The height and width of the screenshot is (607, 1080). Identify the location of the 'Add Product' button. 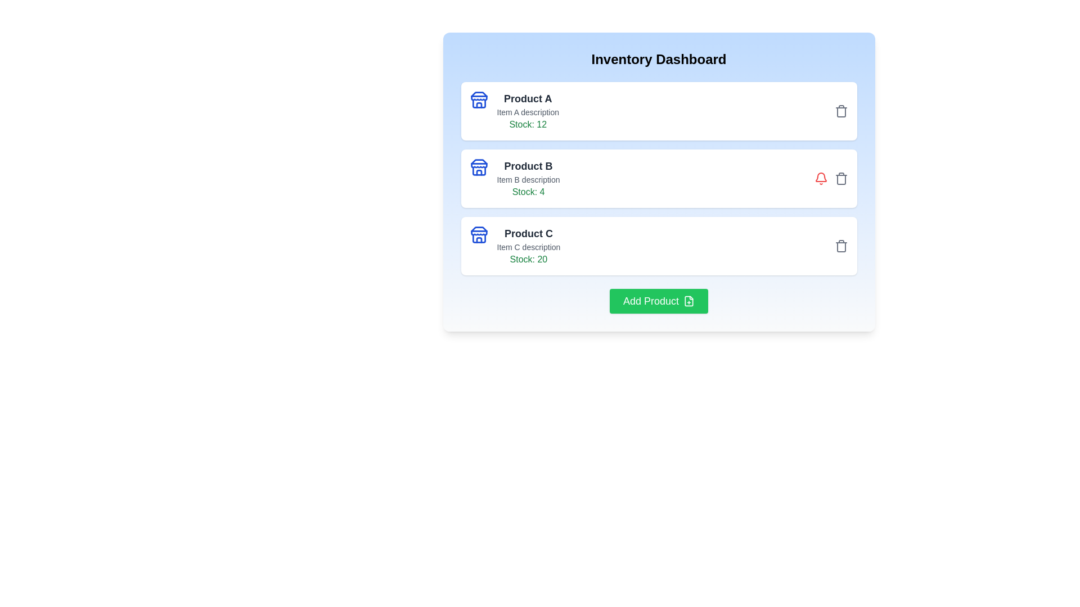
(659, 301).